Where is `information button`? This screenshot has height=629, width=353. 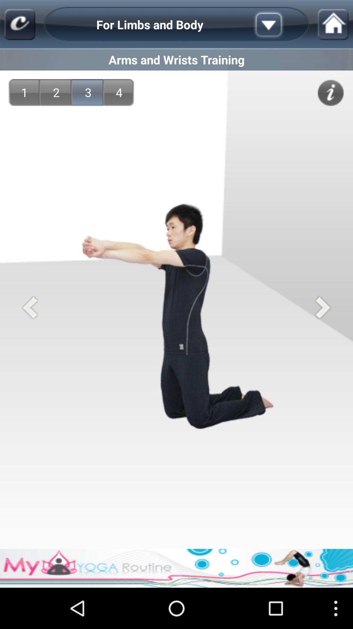
information button is located at coordinates (330, 92).